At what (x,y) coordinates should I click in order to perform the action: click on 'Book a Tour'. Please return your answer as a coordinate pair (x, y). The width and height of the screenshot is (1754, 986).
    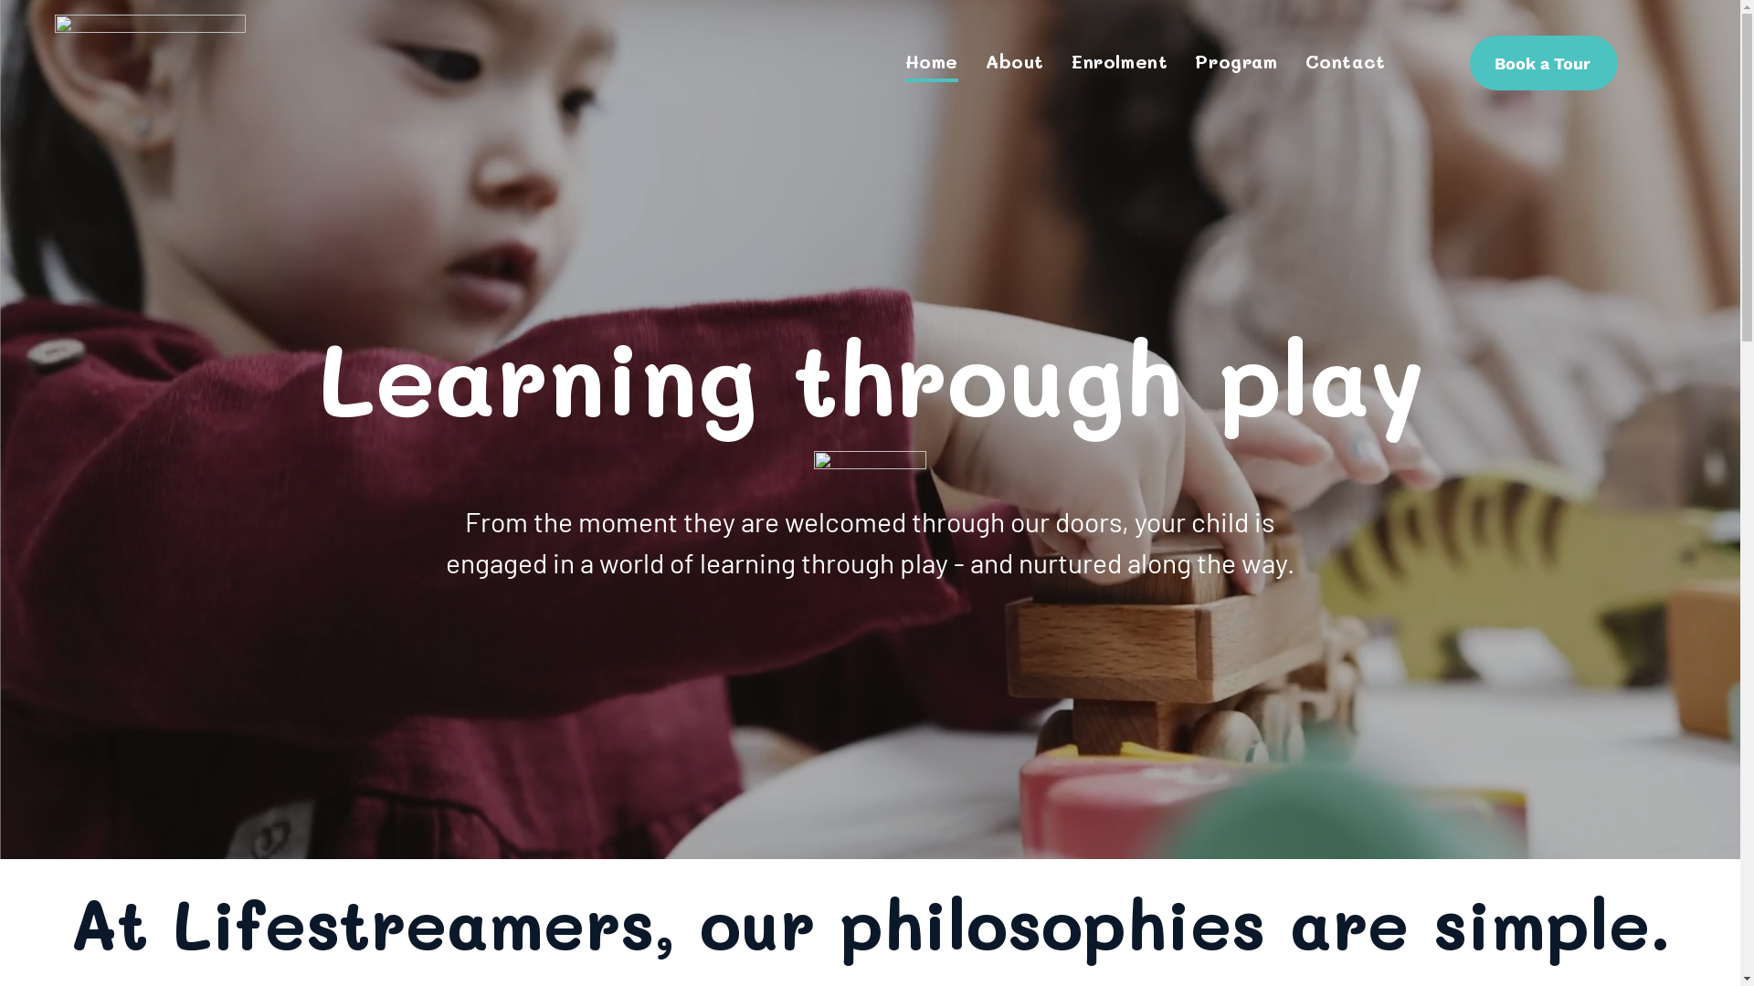
    Looking at the image, I should click on (1542, 62).